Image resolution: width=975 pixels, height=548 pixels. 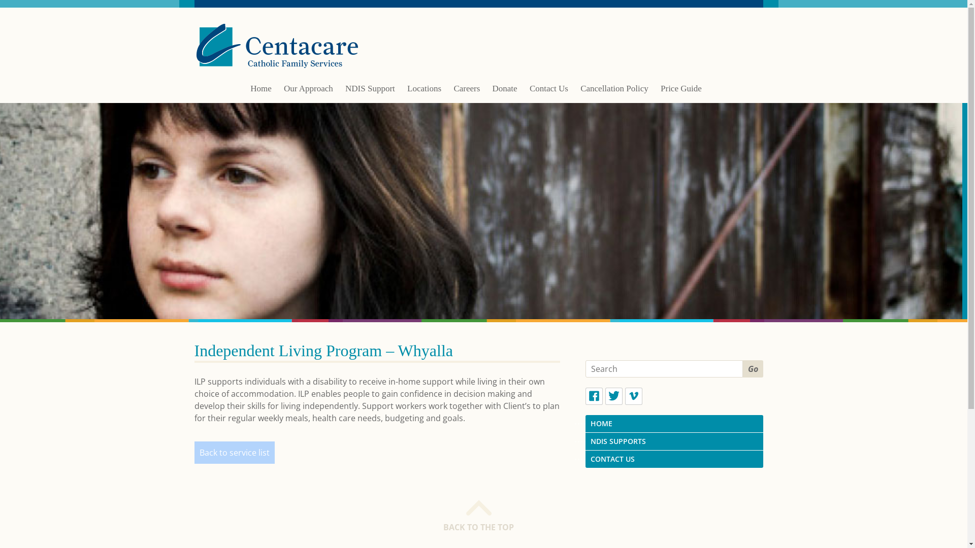 What do you see at coordinates (594, 395) in the screenshot?
I see `'Facebook'` at bounding box center [594, 395].